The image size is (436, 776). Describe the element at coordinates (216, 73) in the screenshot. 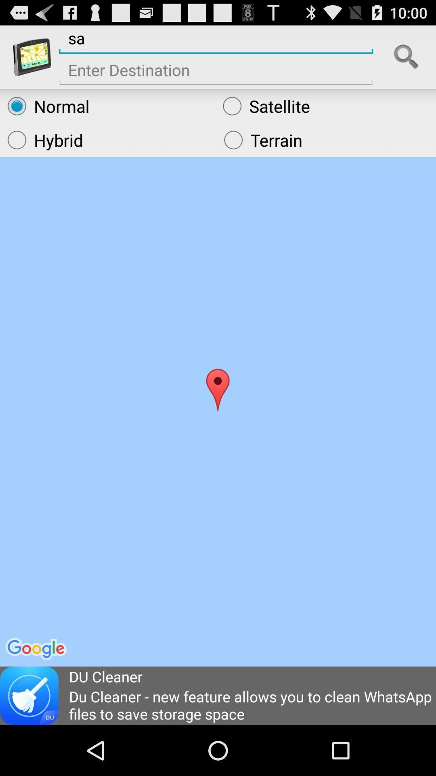

I see `destination` at that location.